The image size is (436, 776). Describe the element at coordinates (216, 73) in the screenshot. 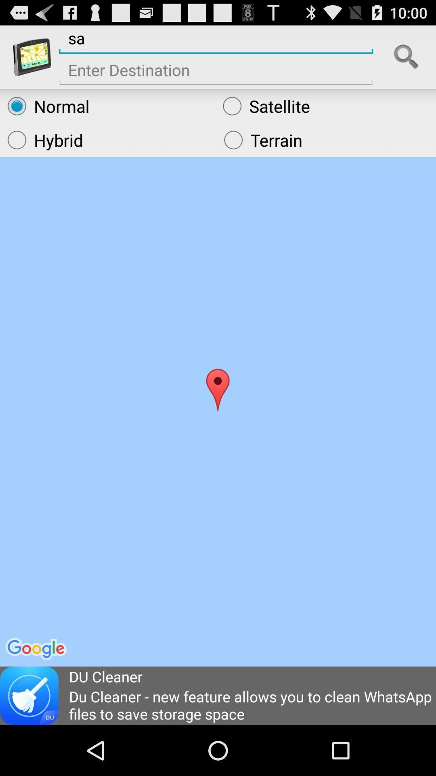

I see `destination` at that location.